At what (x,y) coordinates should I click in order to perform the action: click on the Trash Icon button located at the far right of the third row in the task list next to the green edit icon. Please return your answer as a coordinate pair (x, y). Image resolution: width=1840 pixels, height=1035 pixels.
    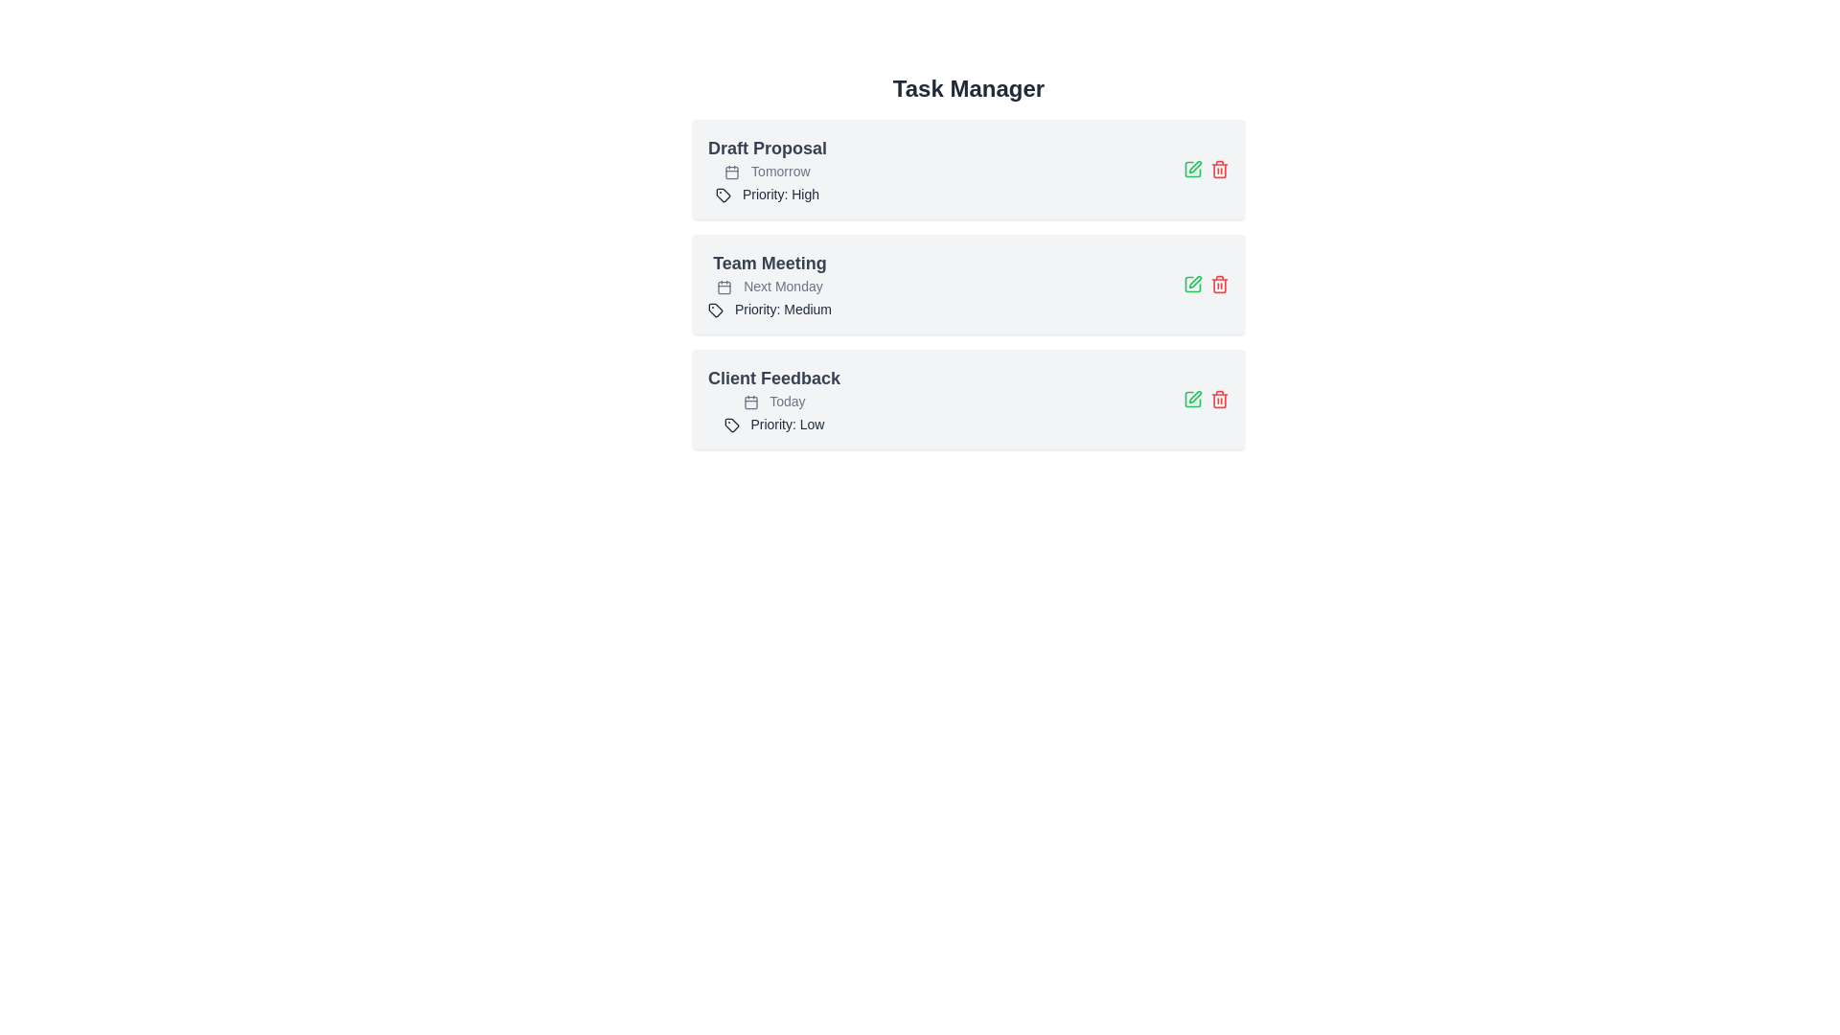
    Looking at the image, I should click on (1218, 398).